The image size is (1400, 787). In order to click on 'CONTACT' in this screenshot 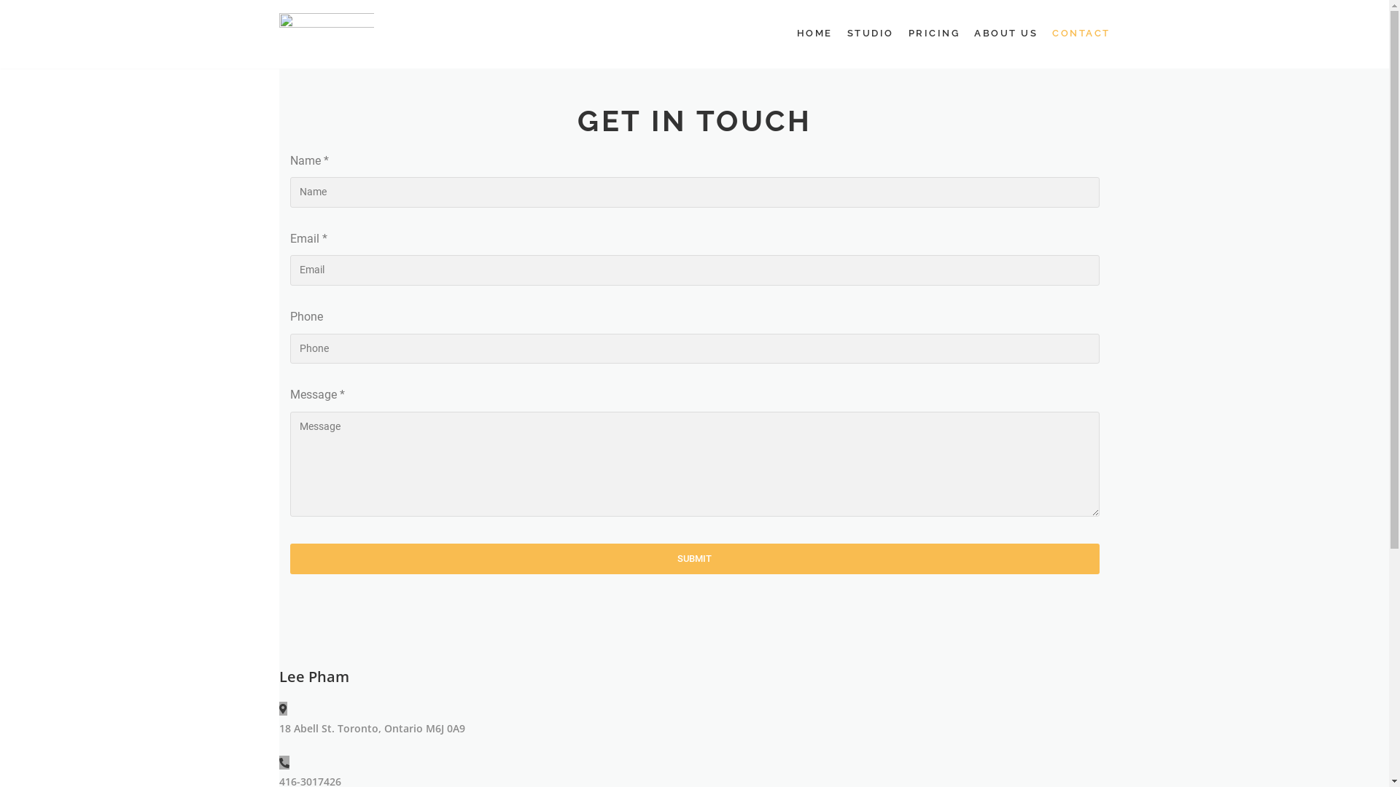, I will do `click(1081, 33)`.